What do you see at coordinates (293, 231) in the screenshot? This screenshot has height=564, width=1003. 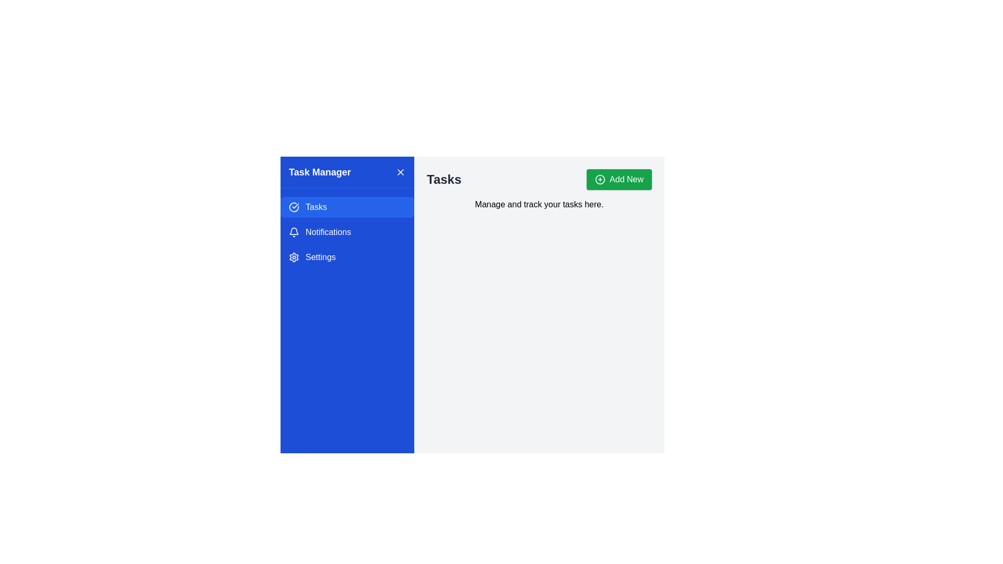 I see `the notification icon (bell) located in the left-side navigation bar` at bounding box center [293, 231].